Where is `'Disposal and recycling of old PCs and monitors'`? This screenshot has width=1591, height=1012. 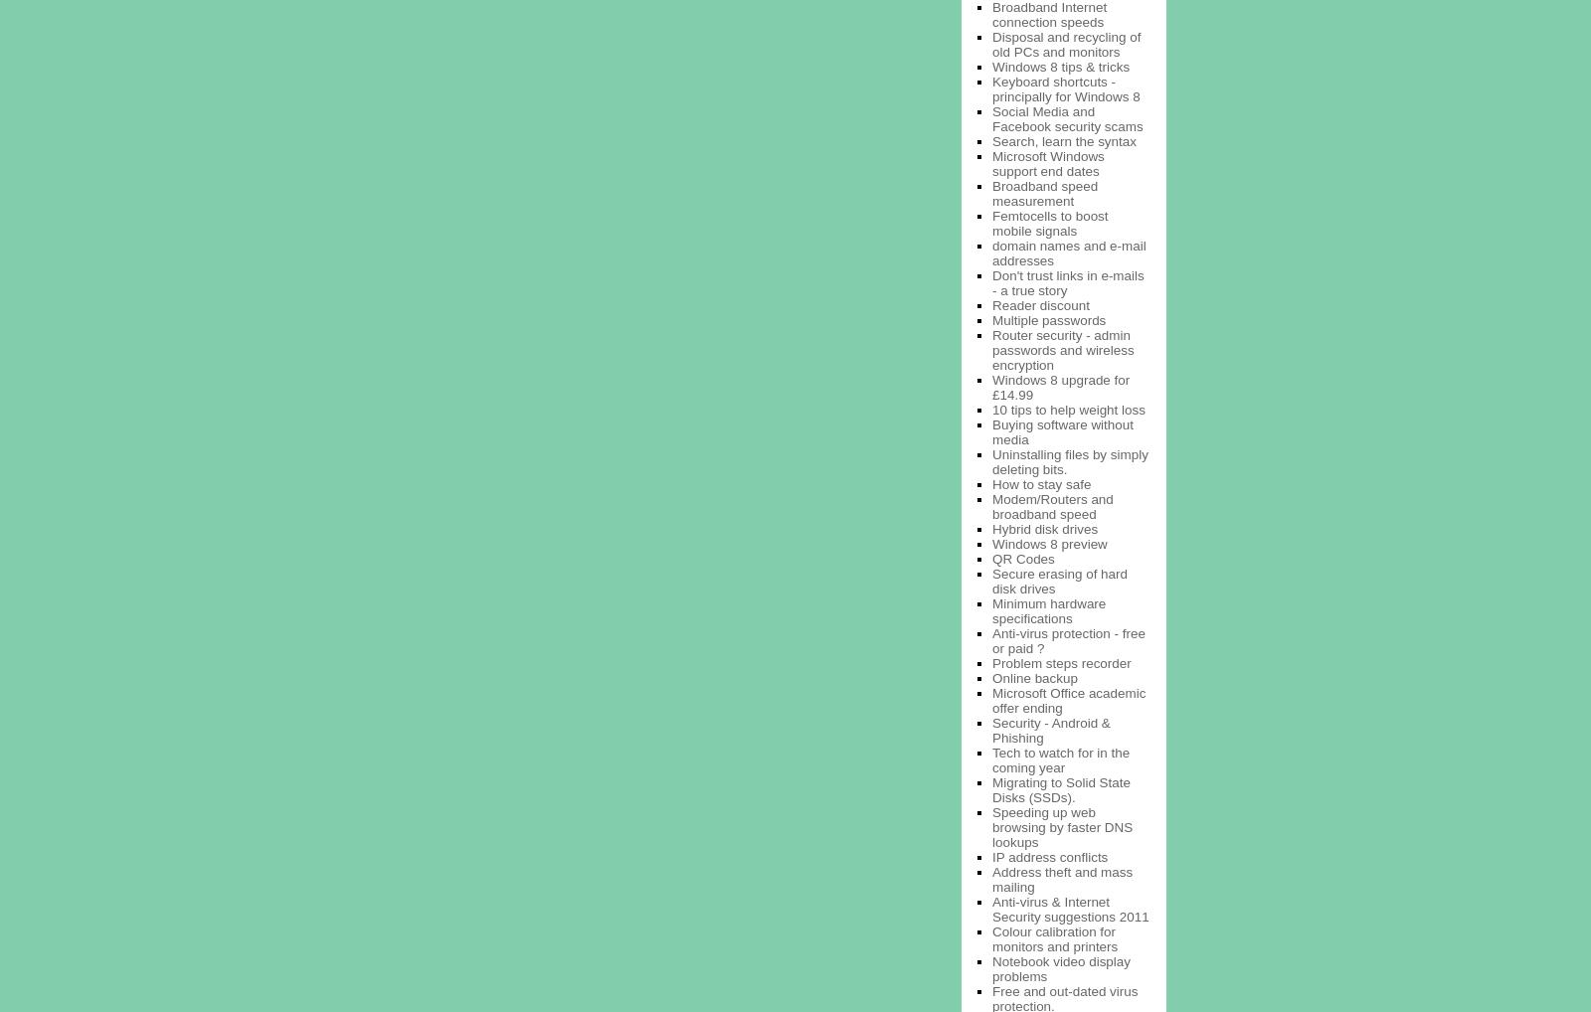 'Disposal and recycling of old PCs and monitors' is located at coordinates (1066, 42).